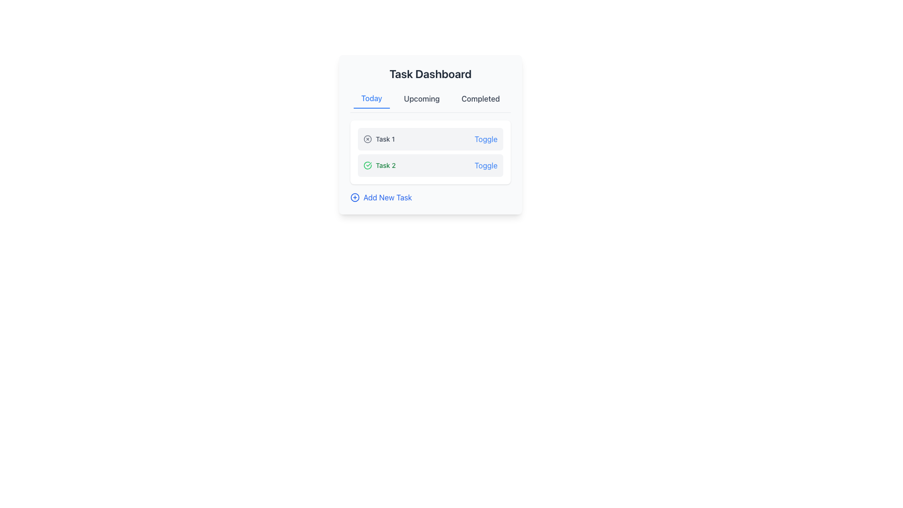 The image size is (903, 508). I want to click on the blue text label reading 'Toggle' located on the rightmost part of the entry labeled 'Task 2', so click(485, 165).